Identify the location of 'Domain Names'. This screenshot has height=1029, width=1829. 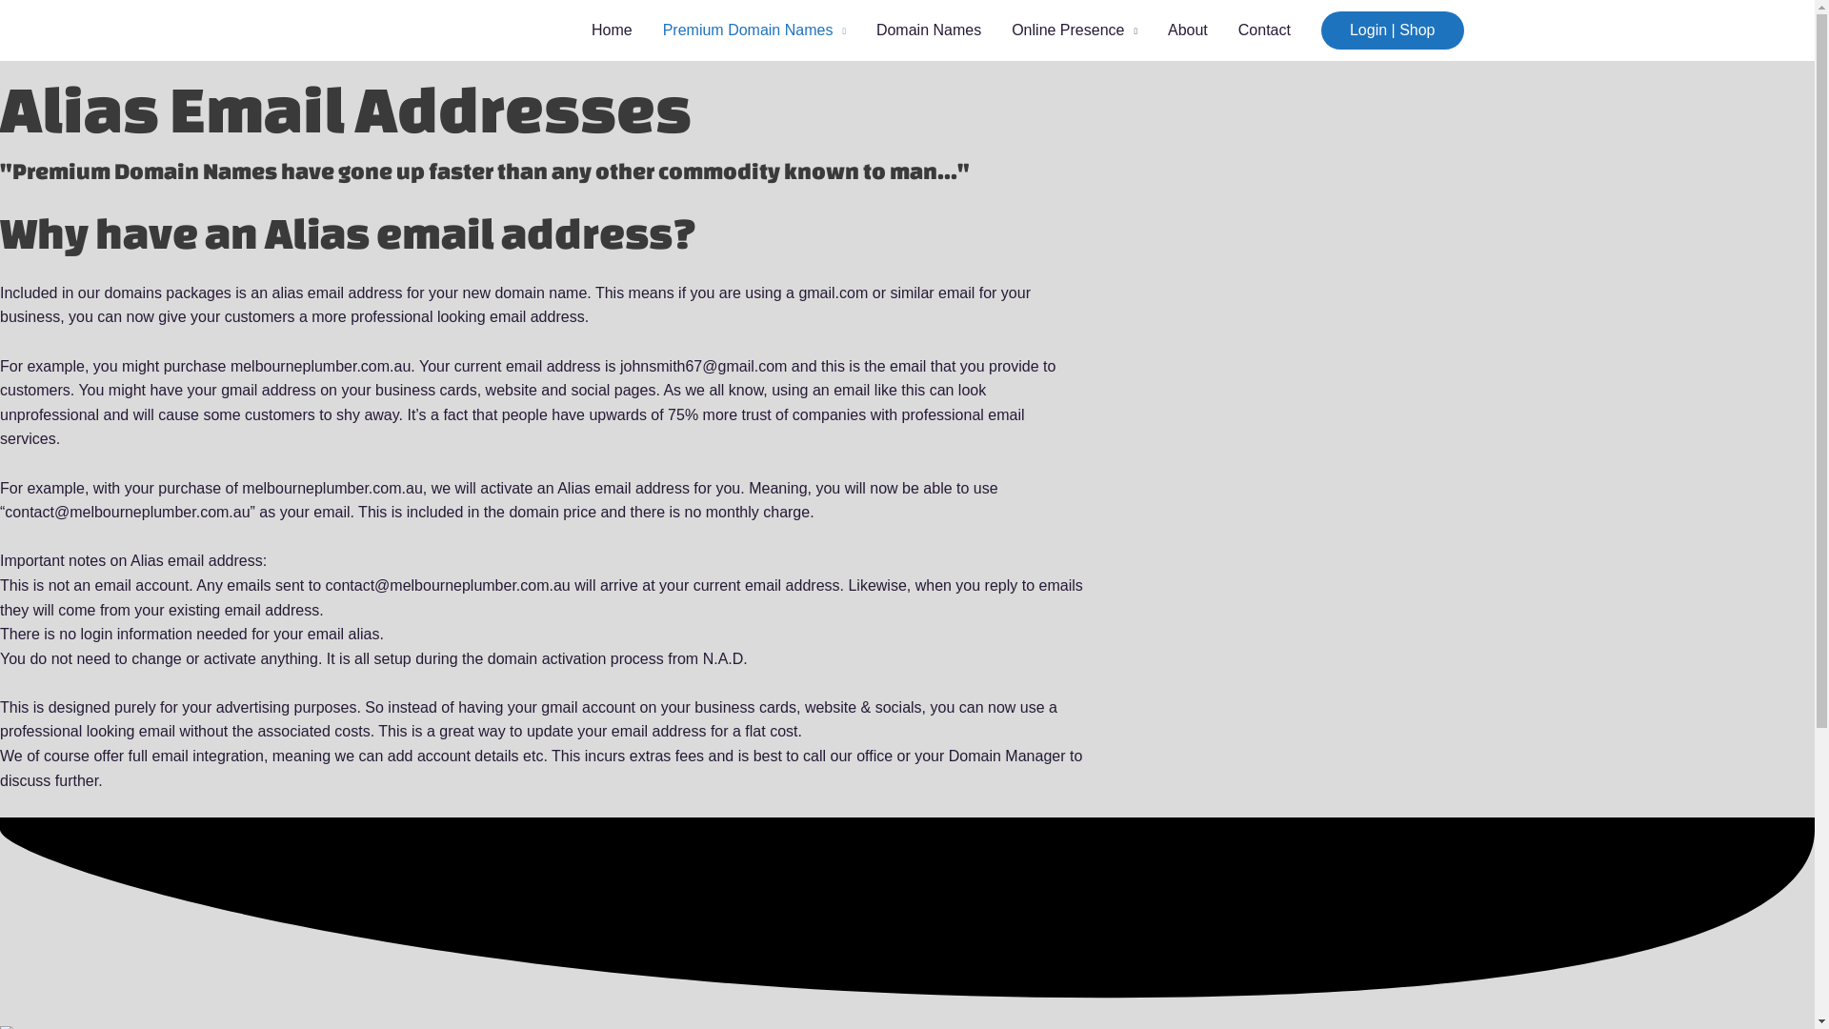
(928, 30).